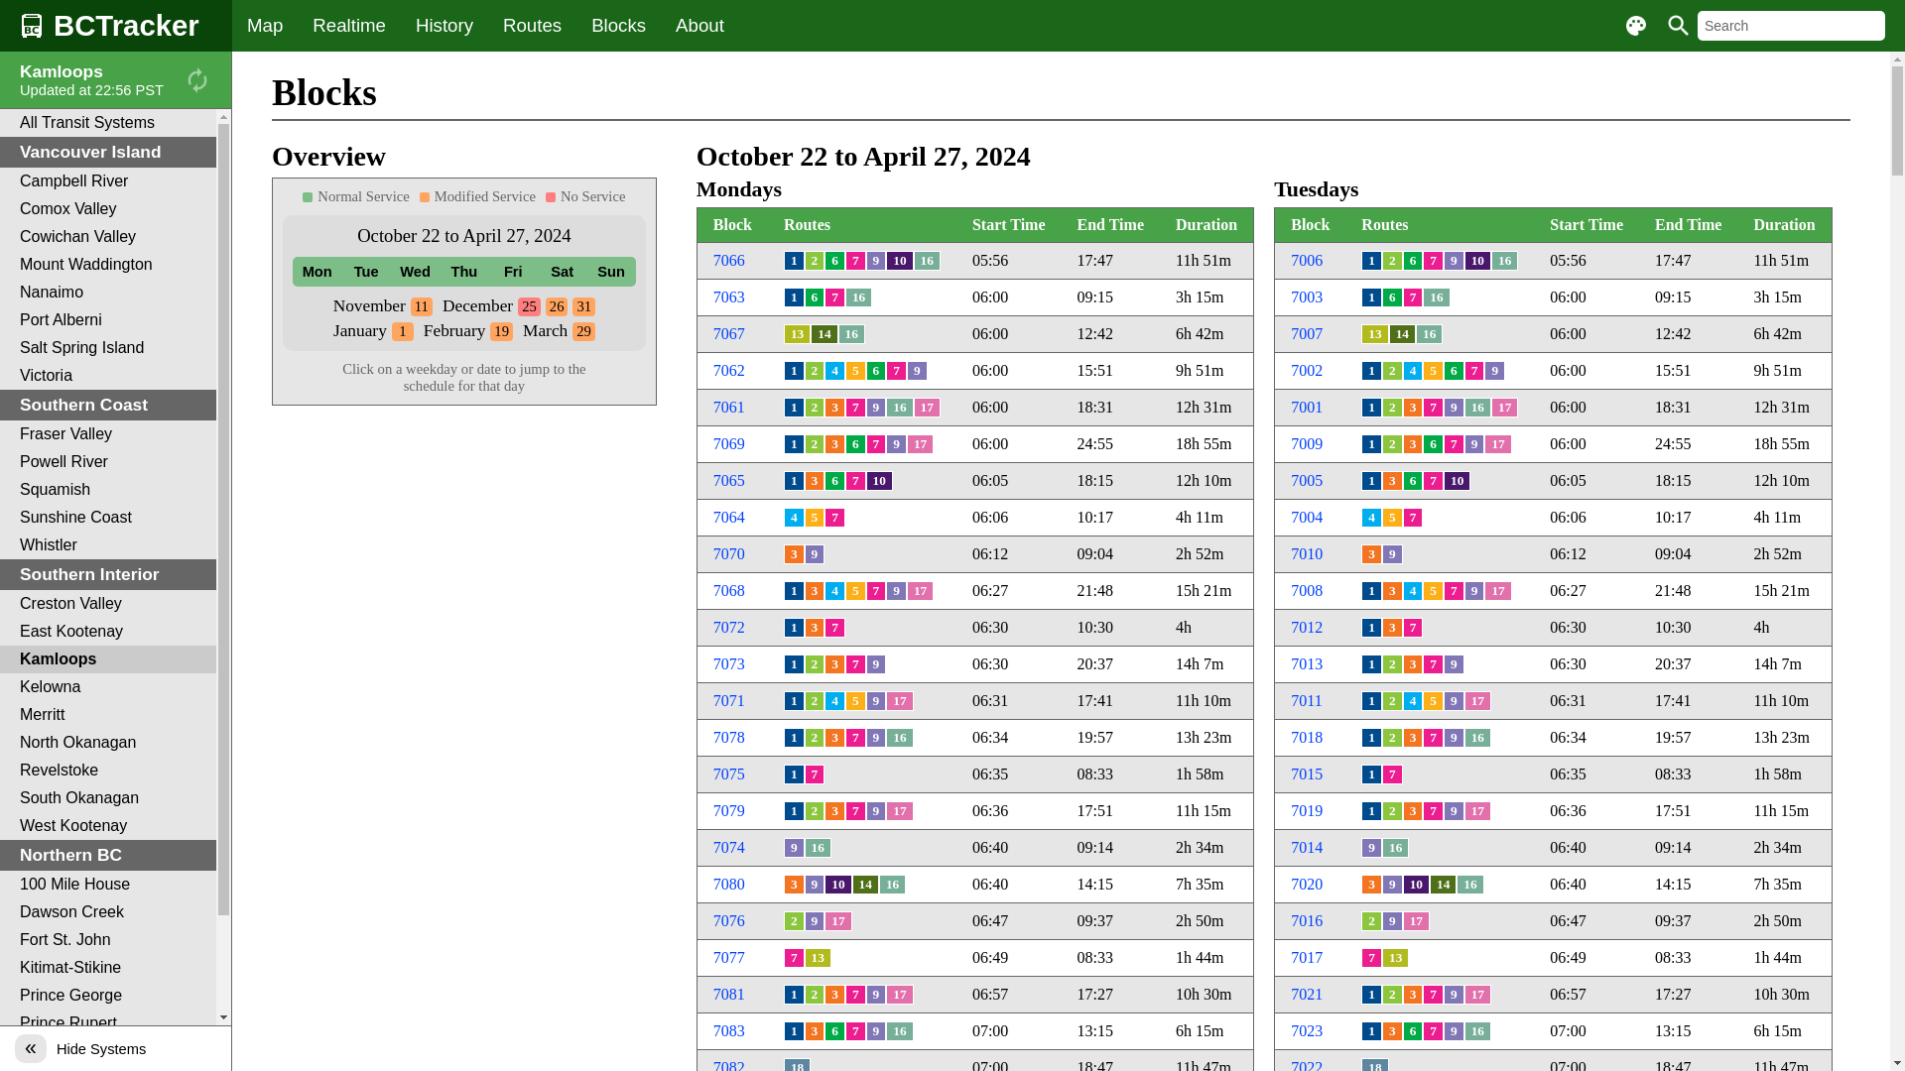 This screenshot has width=1905, height=1071. I want to click on '7062', so click(727, 370).